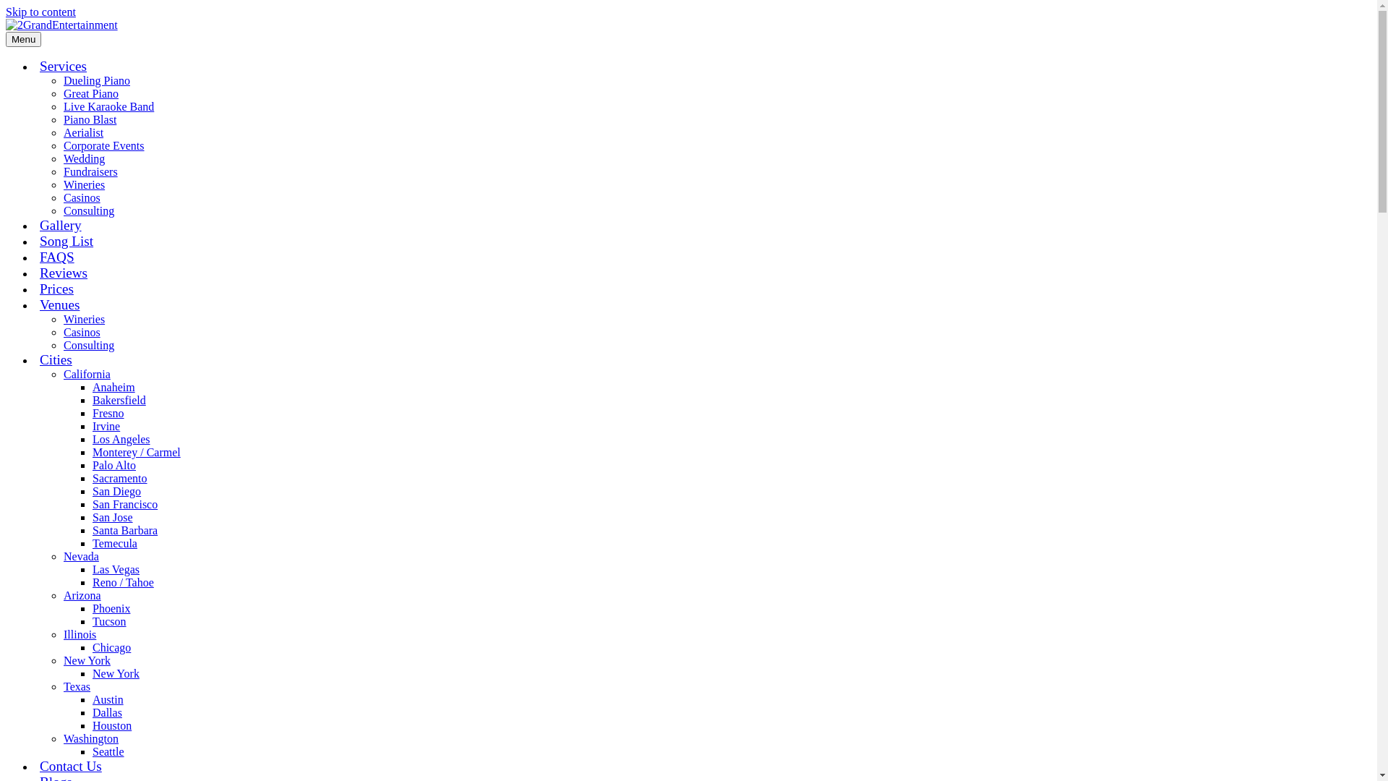 This screenshot has width=1388, height=781. Describe the element at coordinates (82, 595) in the screenshot. I see `'Arizona'` at that location.